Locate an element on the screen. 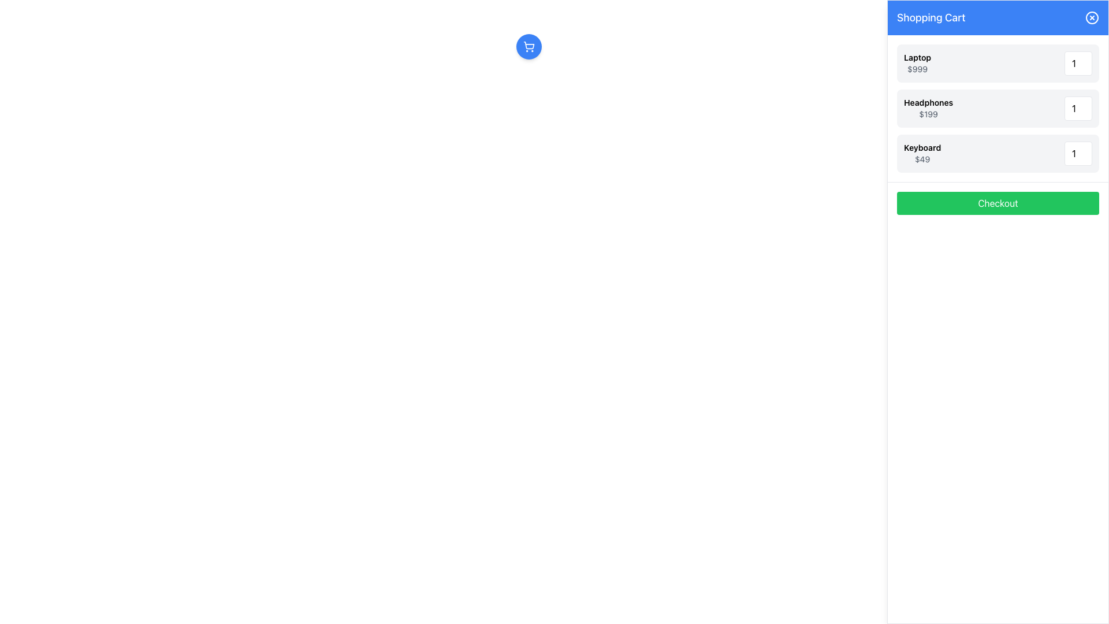 The height and width of the screenshot is (624, 1109). the text display showing the price '$49' in the shopping cart interface, located beneath the 'Keyboard' label and next to the quantity selector is located at coordinates (922, 159).